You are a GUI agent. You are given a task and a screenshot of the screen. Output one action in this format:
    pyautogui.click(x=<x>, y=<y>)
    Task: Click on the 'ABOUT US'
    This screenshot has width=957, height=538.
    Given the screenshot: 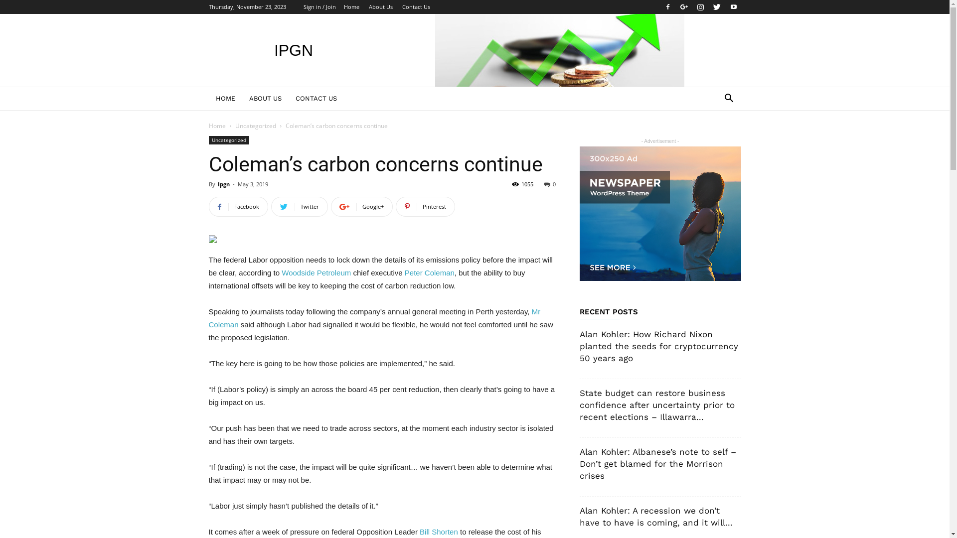 What is the action you would take?
    pyautogui.click(x=242, y=98)
    